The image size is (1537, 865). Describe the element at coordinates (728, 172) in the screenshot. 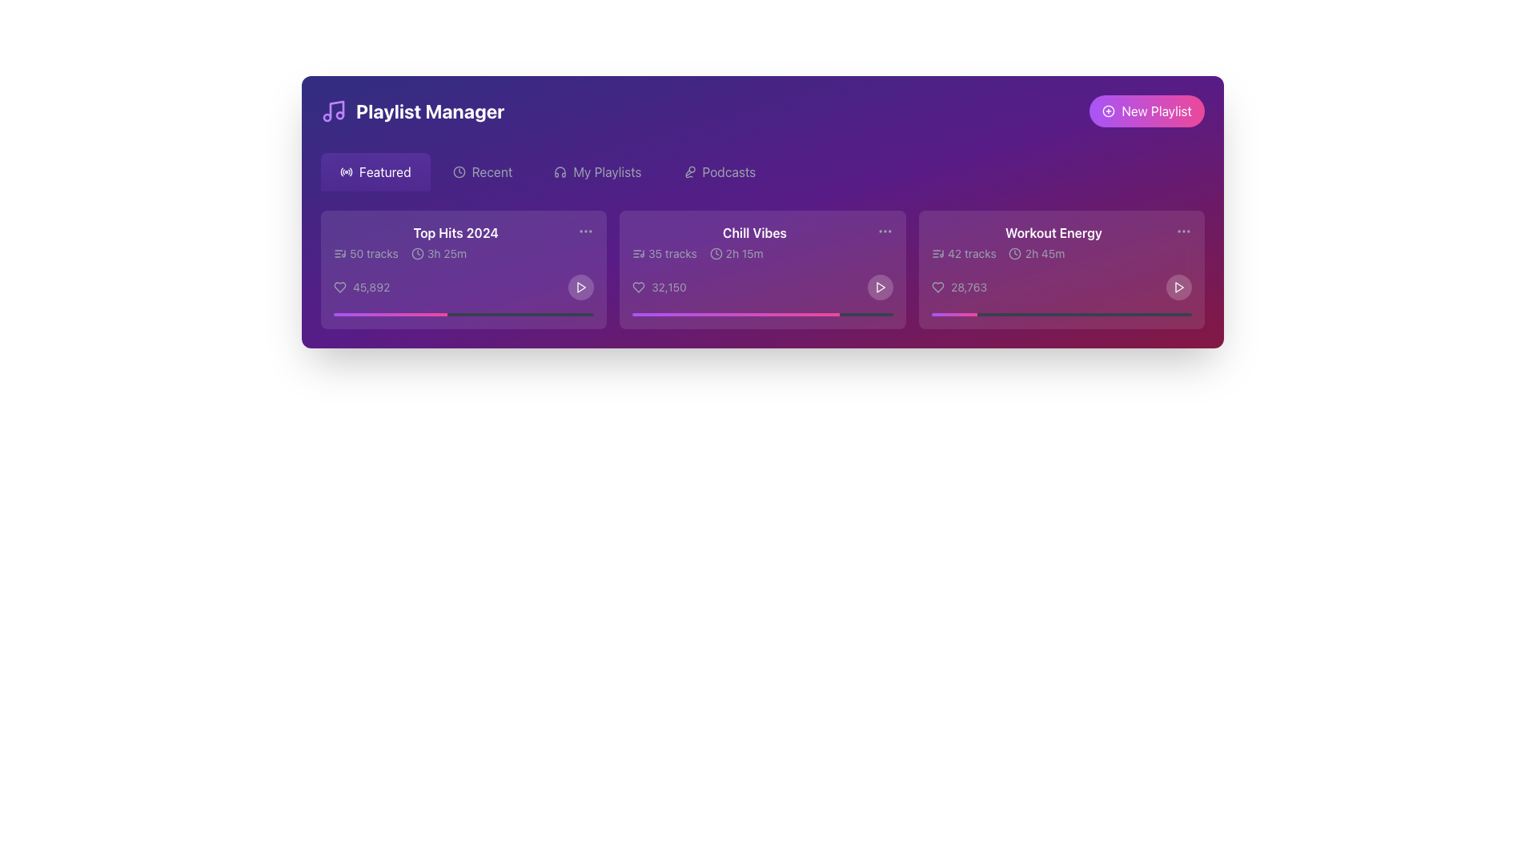

I see `the navigational link or button labeled for podcasts, located at the far right of the navigation options` at that location.